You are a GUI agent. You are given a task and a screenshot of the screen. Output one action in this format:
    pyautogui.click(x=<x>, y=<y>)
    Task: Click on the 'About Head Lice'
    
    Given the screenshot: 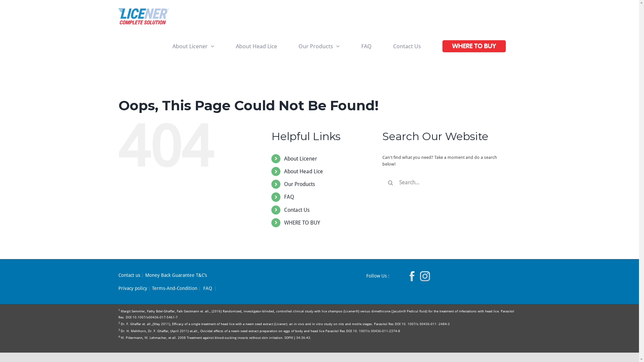 What is the action you would take?
    pyautogui.click(x=303, y=171)
    